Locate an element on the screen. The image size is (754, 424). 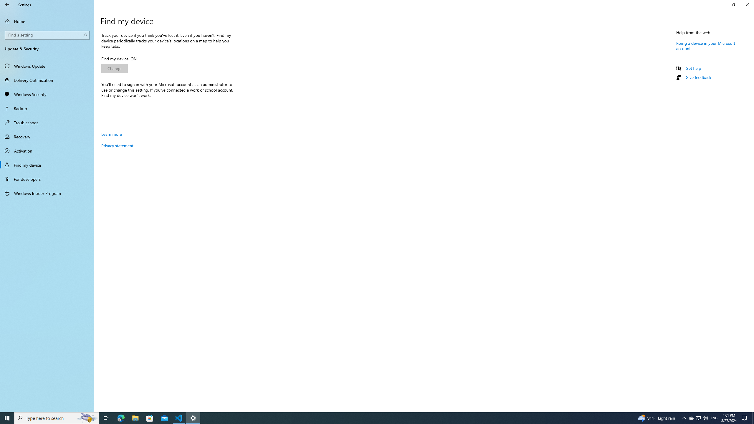
'Change' is located at coordinates (114, 68).